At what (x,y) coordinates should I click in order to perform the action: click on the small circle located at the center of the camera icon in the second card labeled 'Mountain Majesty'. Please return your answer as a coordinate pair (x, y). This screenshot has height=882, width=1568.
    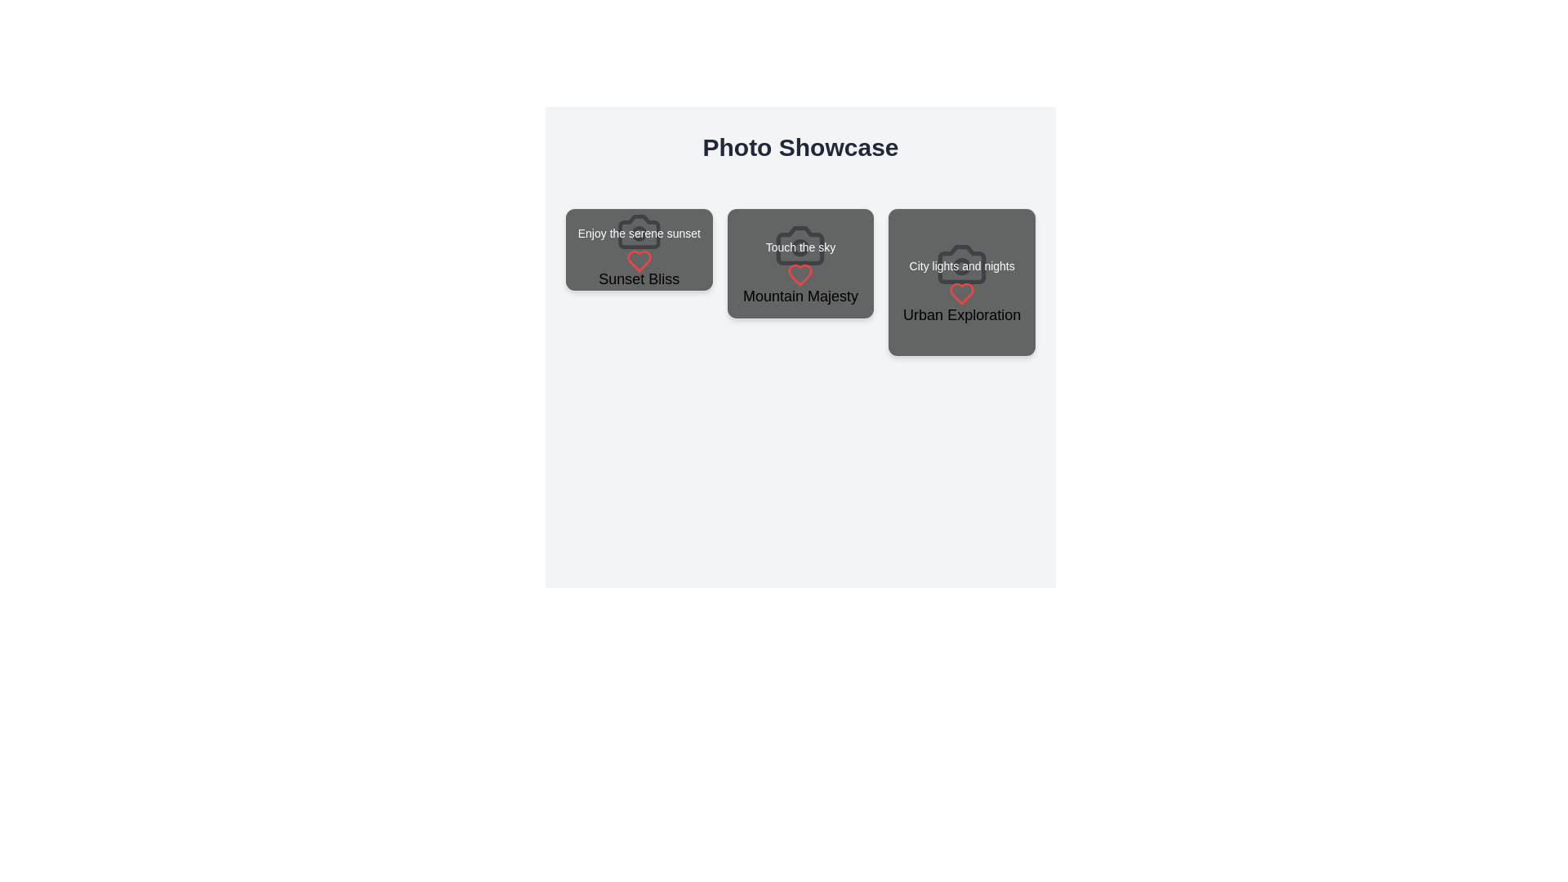
    Looking at the image, I should click on (800, 247).